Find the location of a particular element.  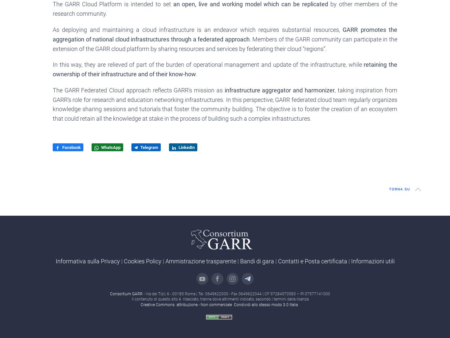

'Bandi di gara' is located at coordinates (239, 261).